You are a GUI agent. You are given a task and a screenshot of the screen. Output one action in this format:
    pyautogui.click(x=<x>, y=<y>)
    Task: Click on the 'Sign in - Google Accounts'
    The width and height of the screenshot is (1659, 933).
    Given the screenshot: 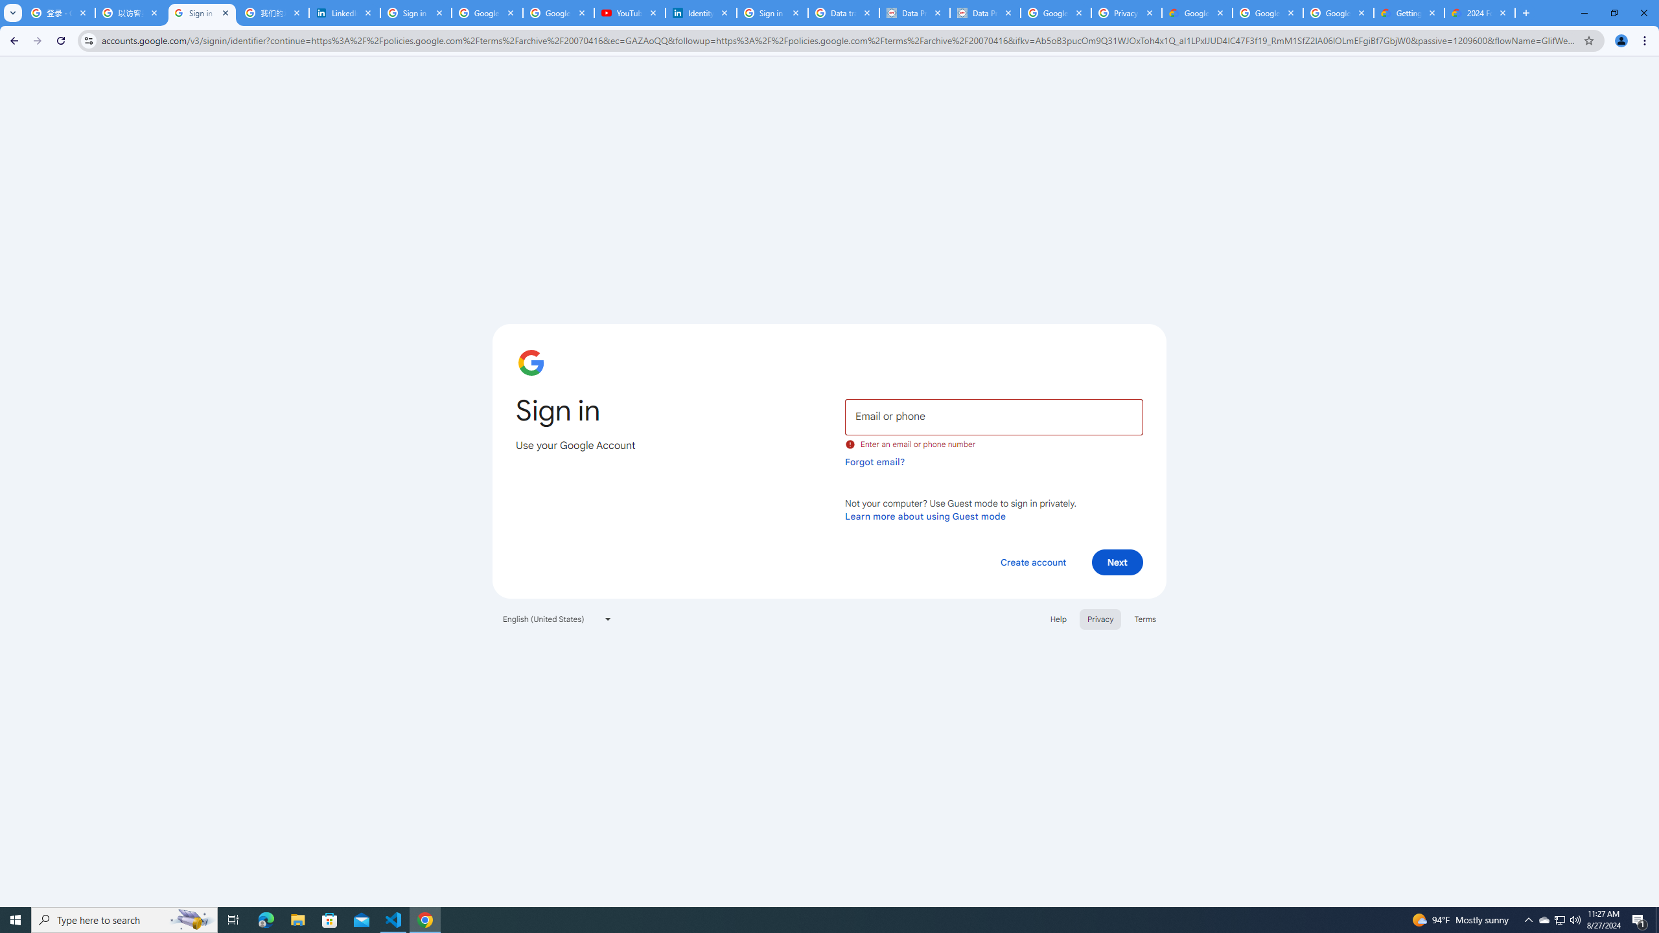 What is the action you would take?
    pyautogui.click(x=202, y=12)
    